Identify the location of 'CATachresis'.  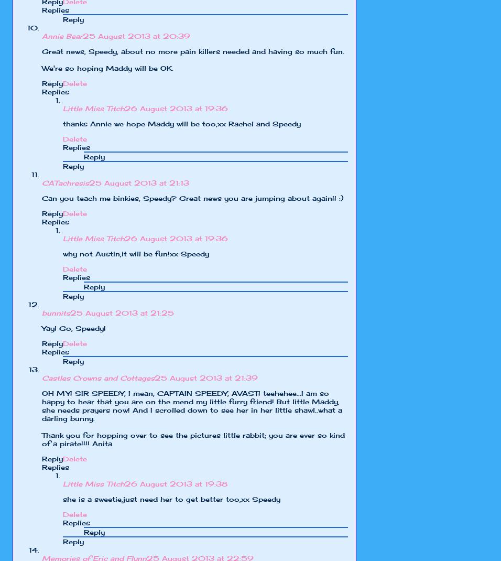
(66, 183).